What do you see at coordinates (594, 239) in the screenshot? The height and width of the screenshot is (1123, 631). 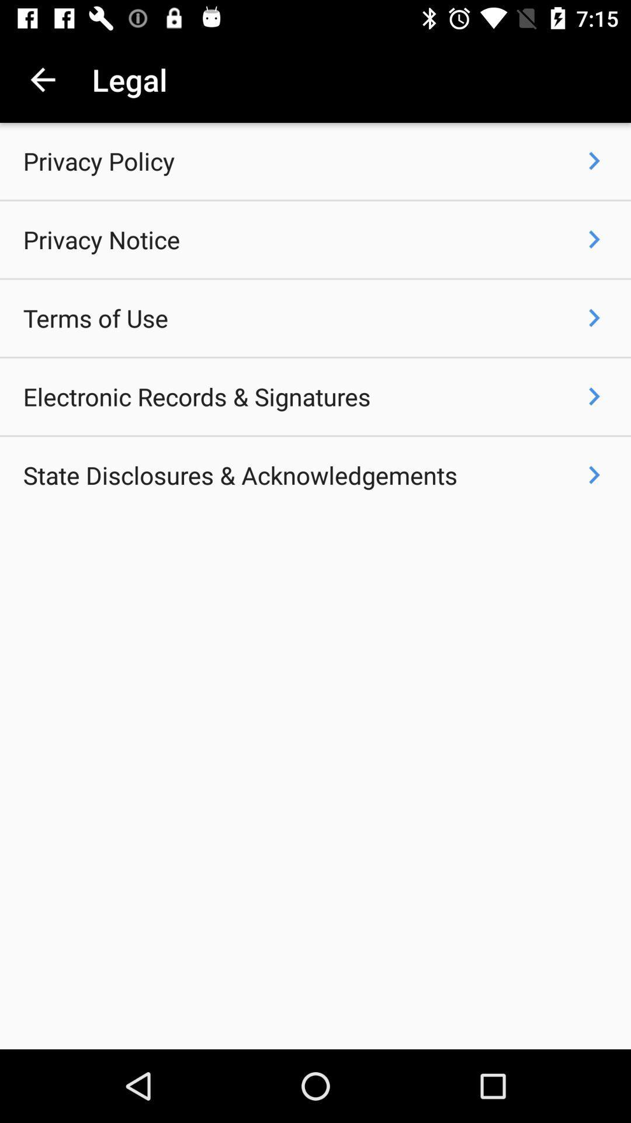 I see `the item to the right of privacy notice item` at bounding box center [594, 239].